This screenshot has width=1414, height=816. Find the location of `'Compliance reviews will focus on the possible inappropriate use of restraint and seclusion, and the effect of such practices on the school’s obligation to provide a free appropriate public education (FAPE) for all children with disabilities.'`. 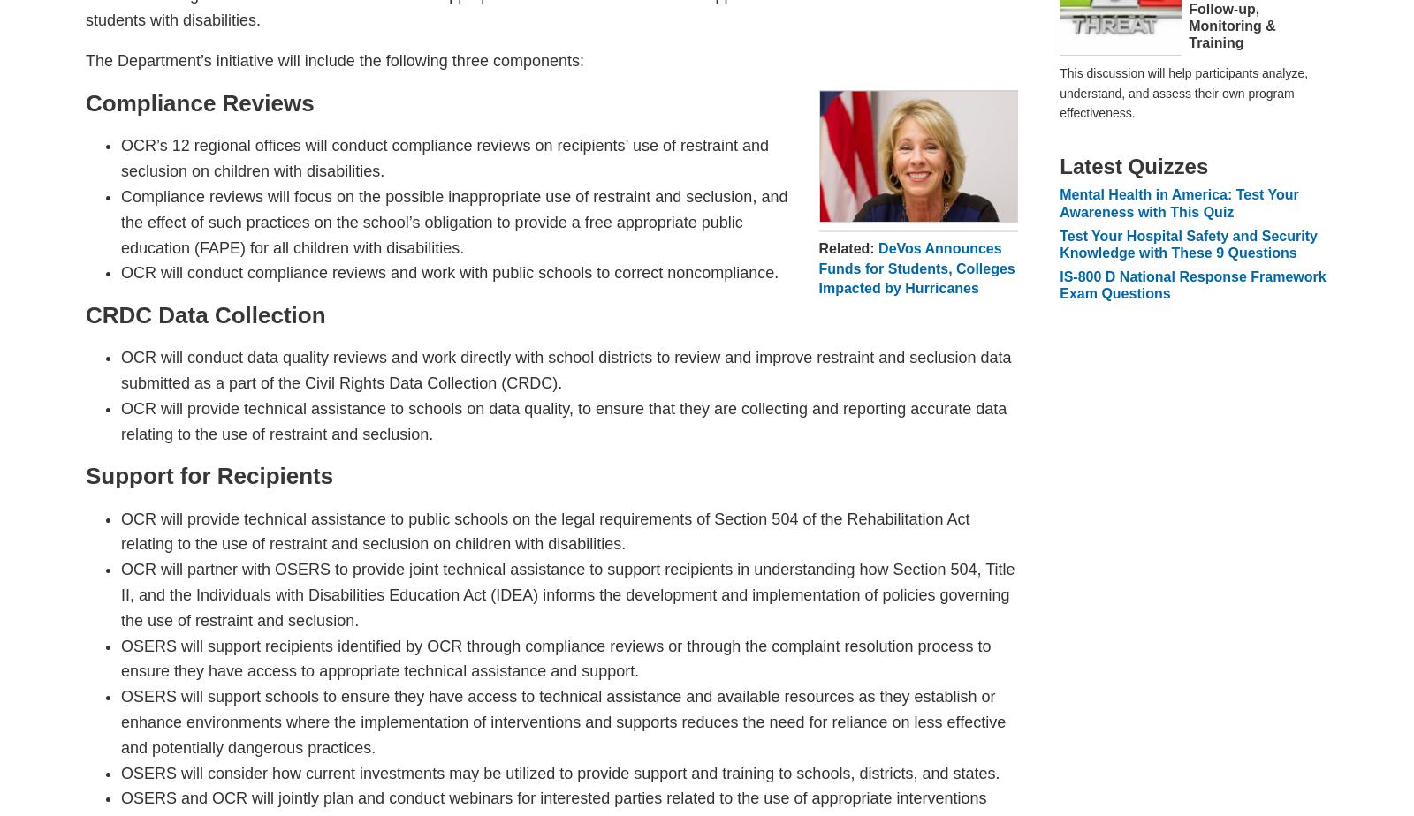

'Compliance reviews will focus on the possible inappropriate use of restraint and seclusion, and the effect of such practices on the school’s obligation to provide a free appropriate public education (FAPE) for all children with disabilities.' is located at coordinates (453, 221).